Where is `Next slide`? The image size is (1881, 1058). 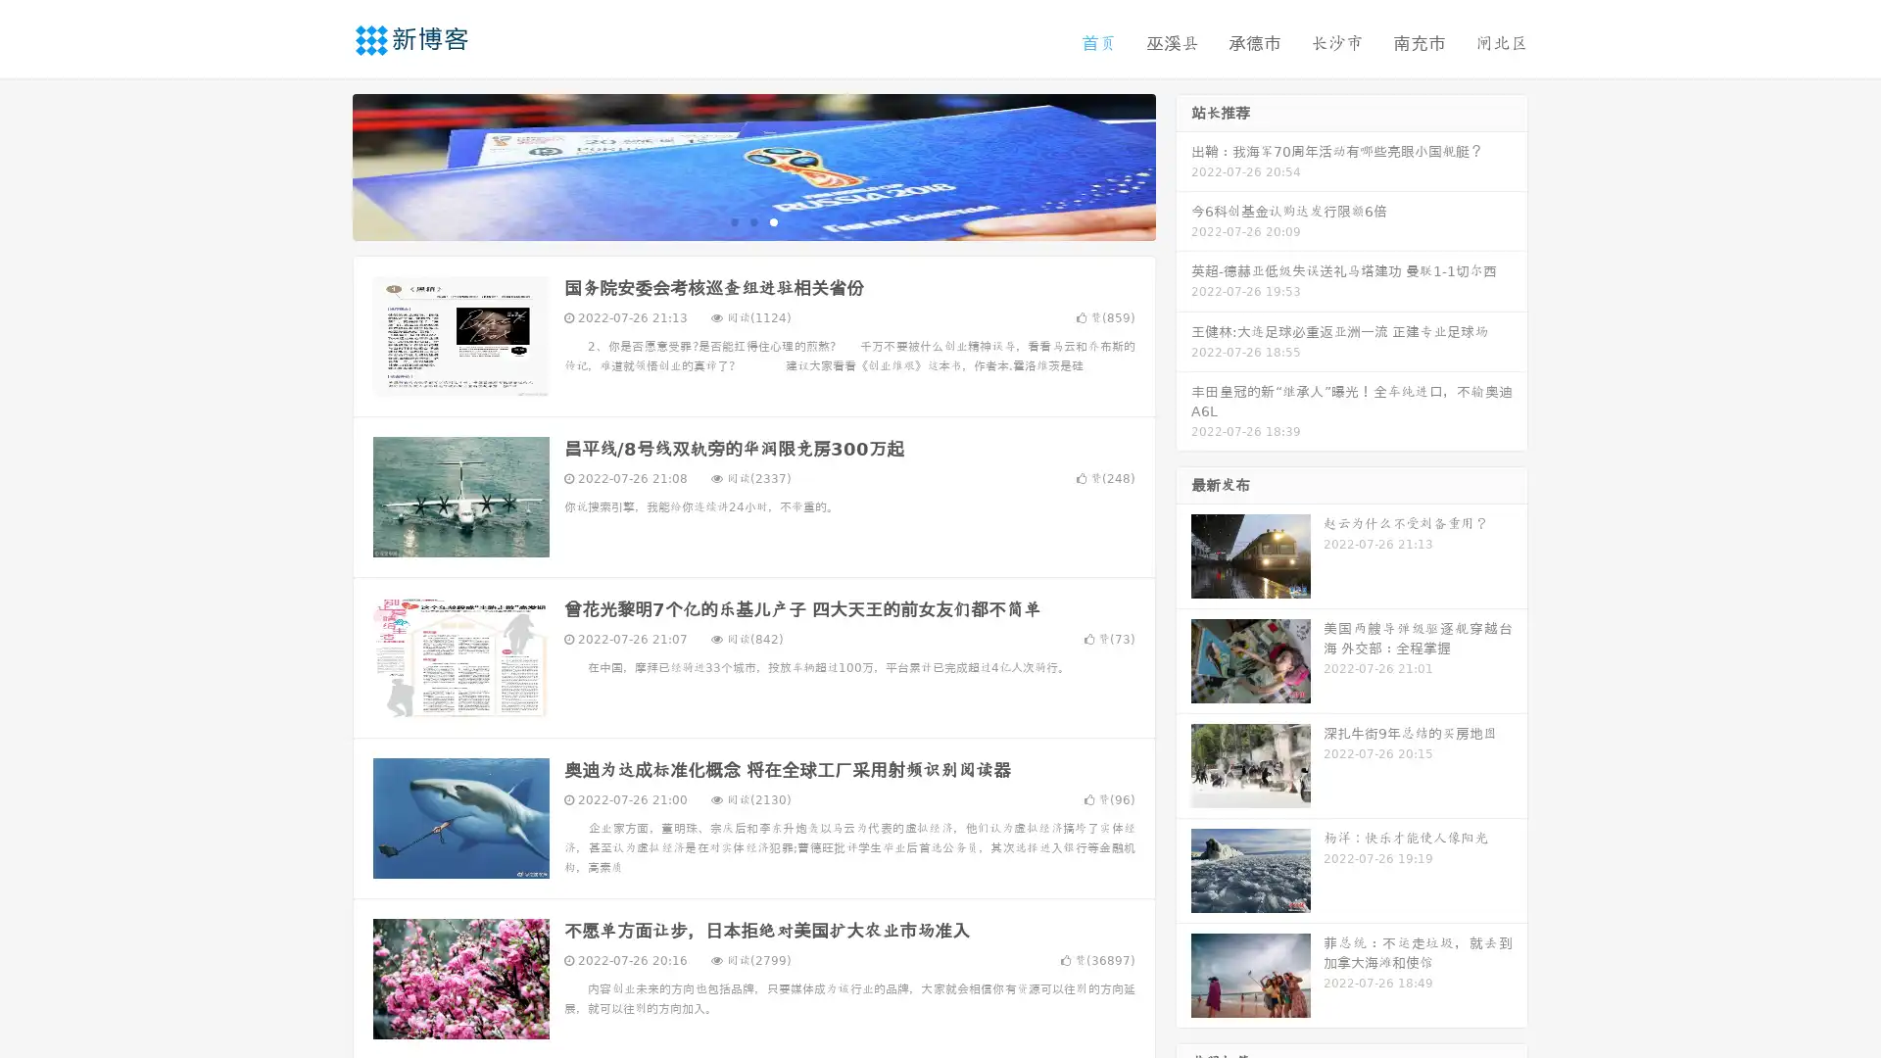
Next slide is located at coordinates (1183, 165).